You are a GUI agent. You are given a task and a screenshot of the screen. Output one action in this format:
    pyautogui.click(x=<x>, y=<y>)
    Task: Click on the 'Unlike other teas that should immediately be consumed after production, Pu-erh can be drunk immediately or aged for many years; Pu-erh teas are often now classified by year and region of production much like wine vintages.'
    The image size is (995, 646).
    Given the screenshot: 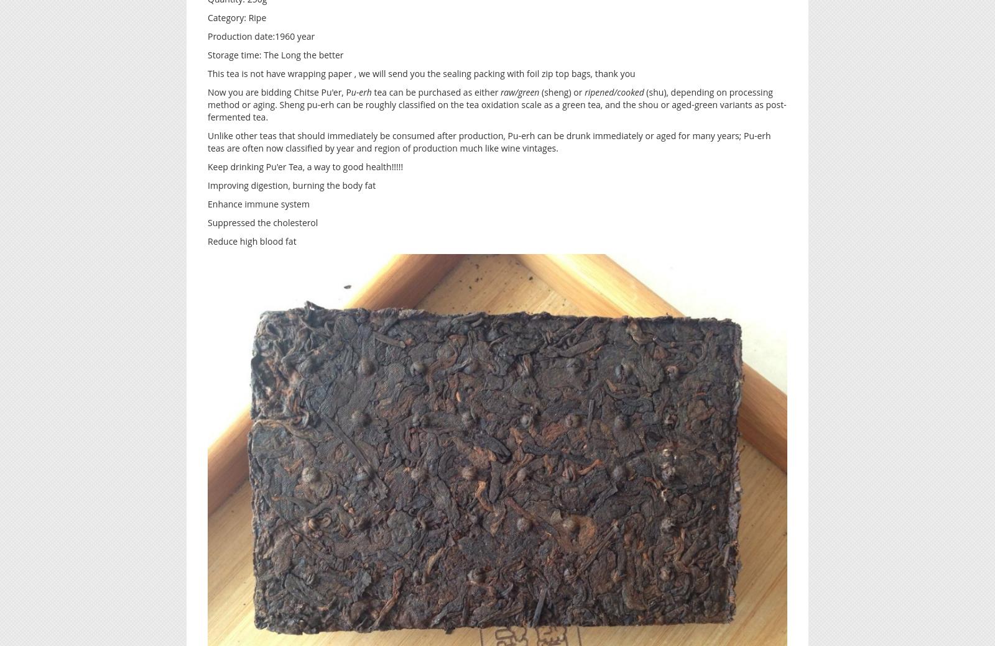 What is the action you would take?
    pyautogui.click(x=489, y=141)
    